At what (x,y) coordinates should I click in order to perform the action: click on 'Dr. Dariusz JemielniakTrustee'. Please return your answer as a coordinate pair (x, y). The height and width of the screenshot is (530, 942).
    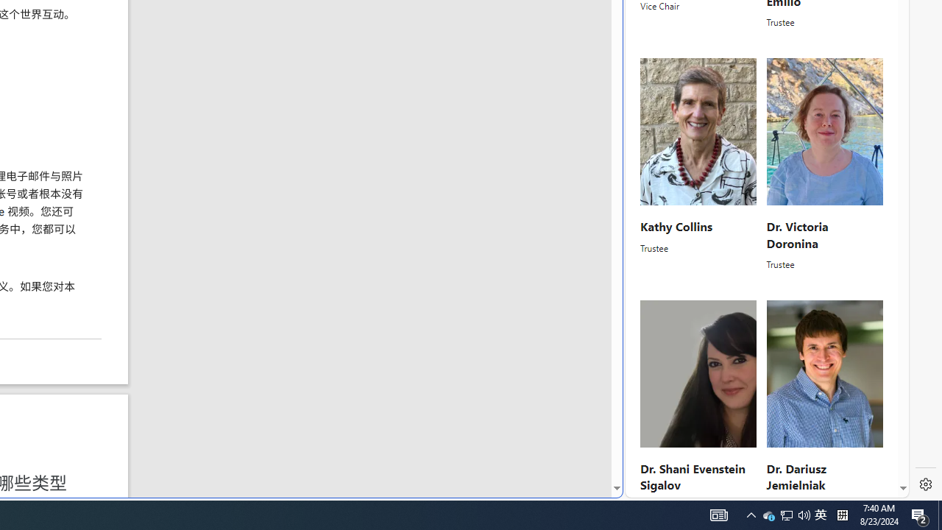
    Looking at the image, I should click on (824, 406).